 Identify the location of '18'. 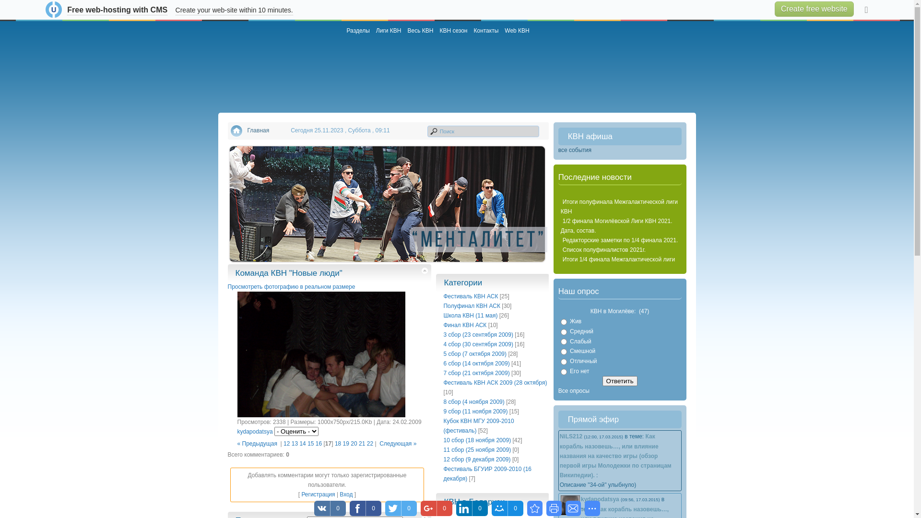
(338, 444).